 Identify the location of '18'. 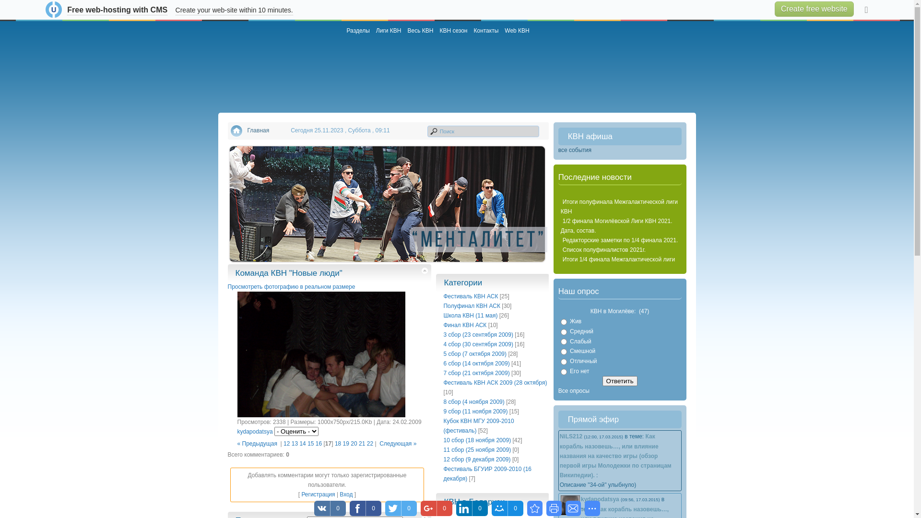
(338, 444).